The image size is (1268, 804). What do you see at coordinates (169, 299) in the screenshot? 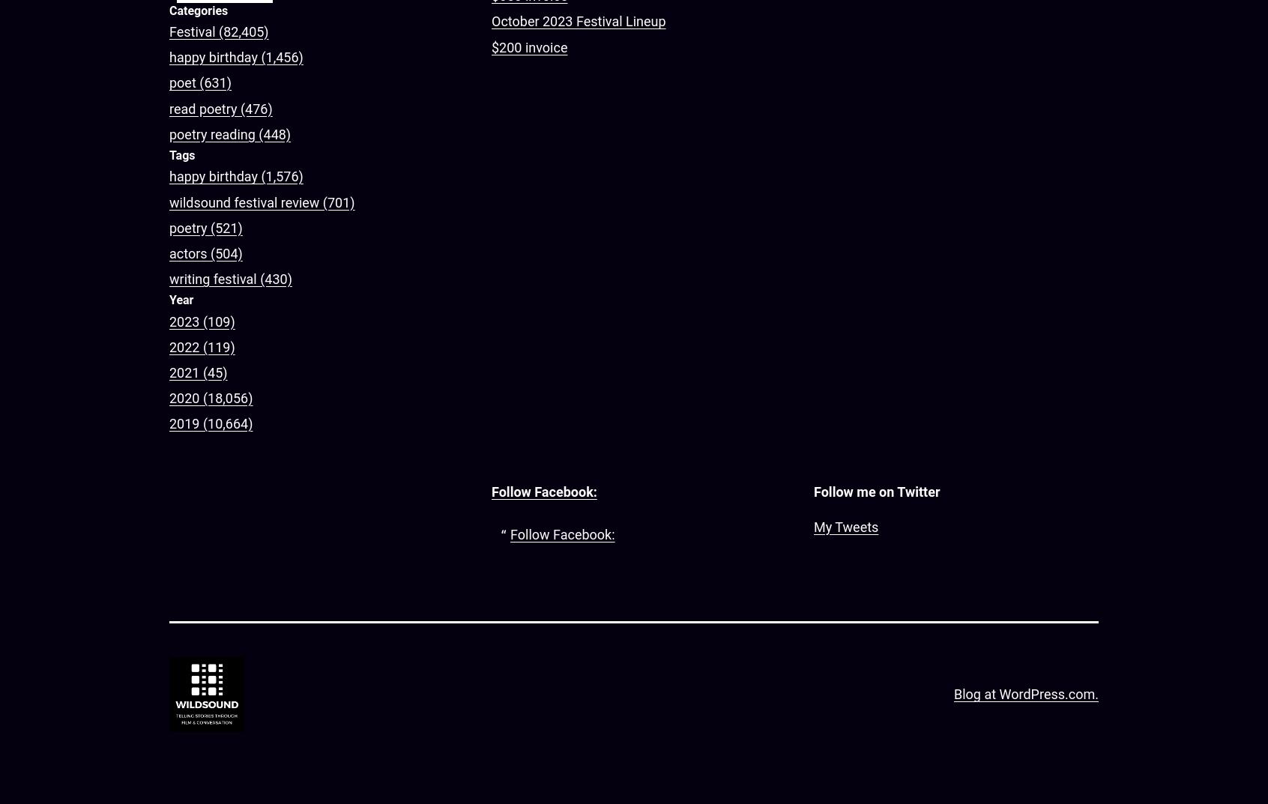
I see `'Year'` at bounding box center [169, 299].